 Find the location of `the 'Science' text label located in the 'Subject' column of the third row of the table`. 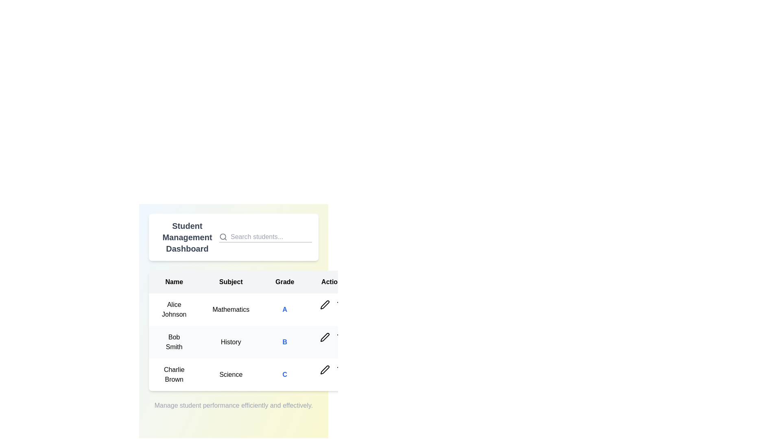

the 'Science' text label located in the 'Subject' column of the third row of the table is located at coordinates (230, 374).